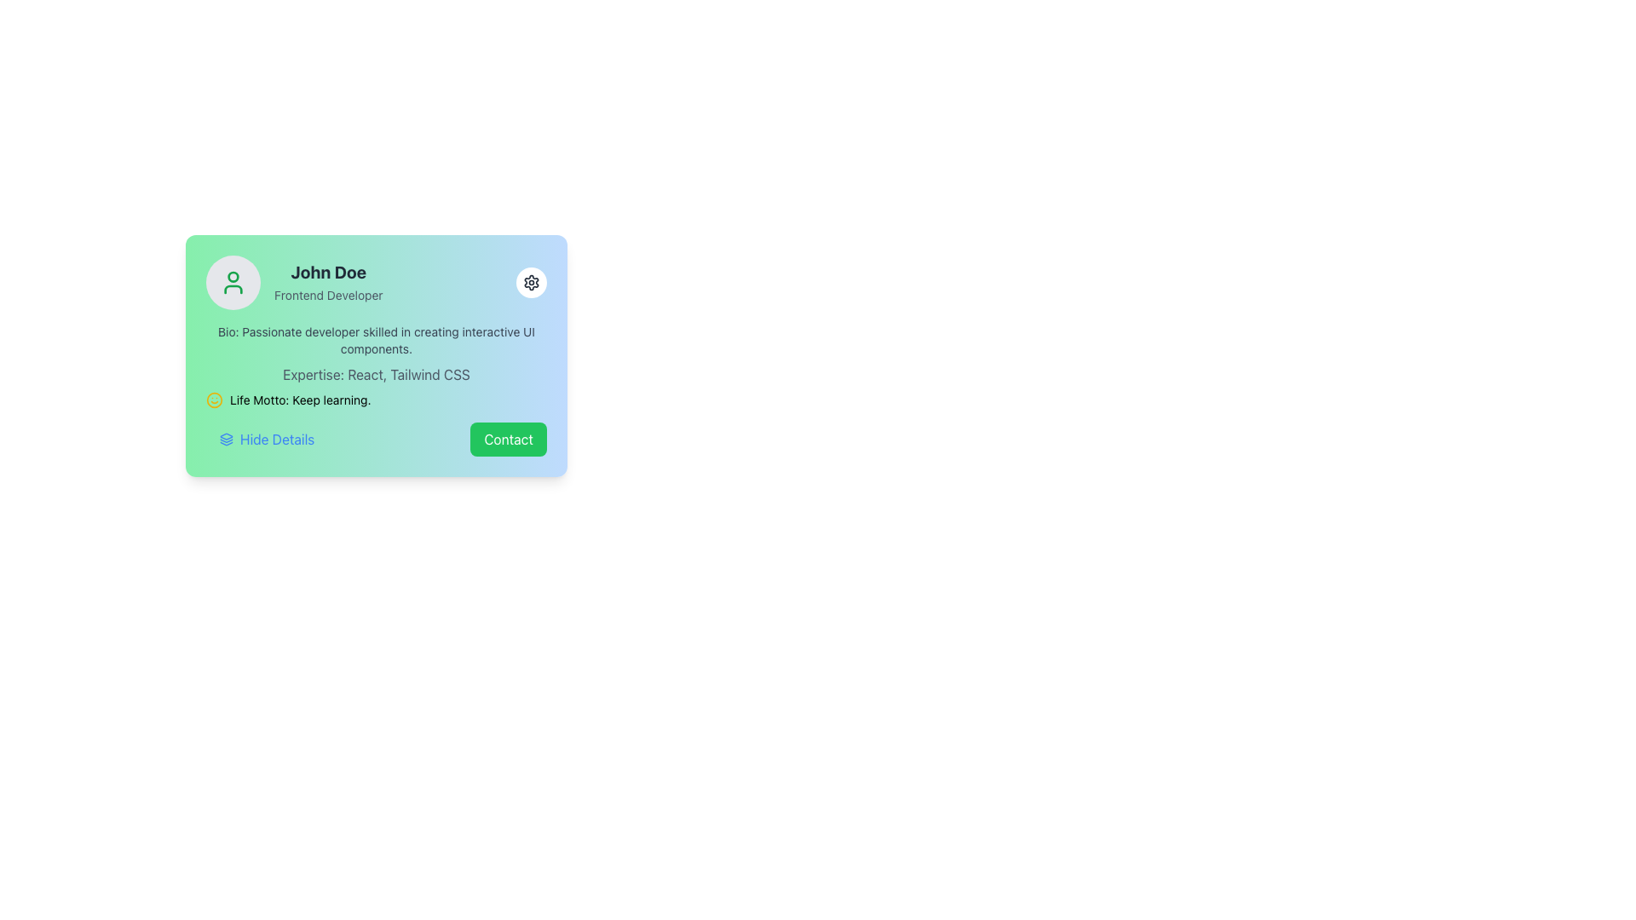 This screenshot has height=920, width=1636. Describe the element at coordinates (375, 365) in the screenshot. I see `Informational Text Block that provides additional information about the user, including their skills, experience, and personal philosophy, located below the username and job title section` at that location.